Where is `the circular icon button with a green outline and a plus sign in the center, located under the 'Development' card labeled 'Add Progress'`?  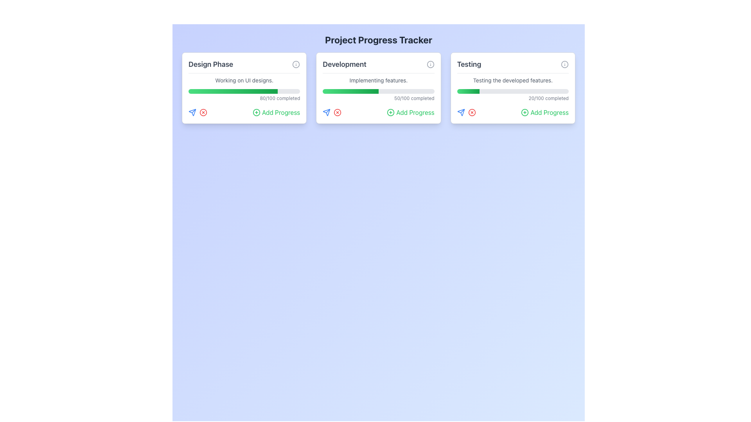 the circular icon button with a green outline and a plus sign in the center, located under the 'Development' card labeled 'Add Progress' is located at coordinates (391, 113).